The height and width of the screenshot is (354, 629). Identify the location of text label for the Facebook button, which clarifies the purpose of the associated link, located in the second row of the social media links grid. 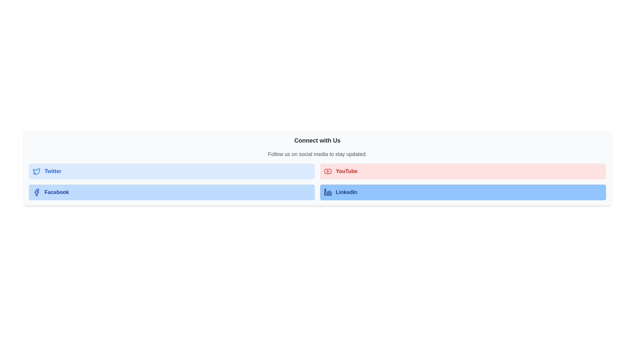
(57, 192).